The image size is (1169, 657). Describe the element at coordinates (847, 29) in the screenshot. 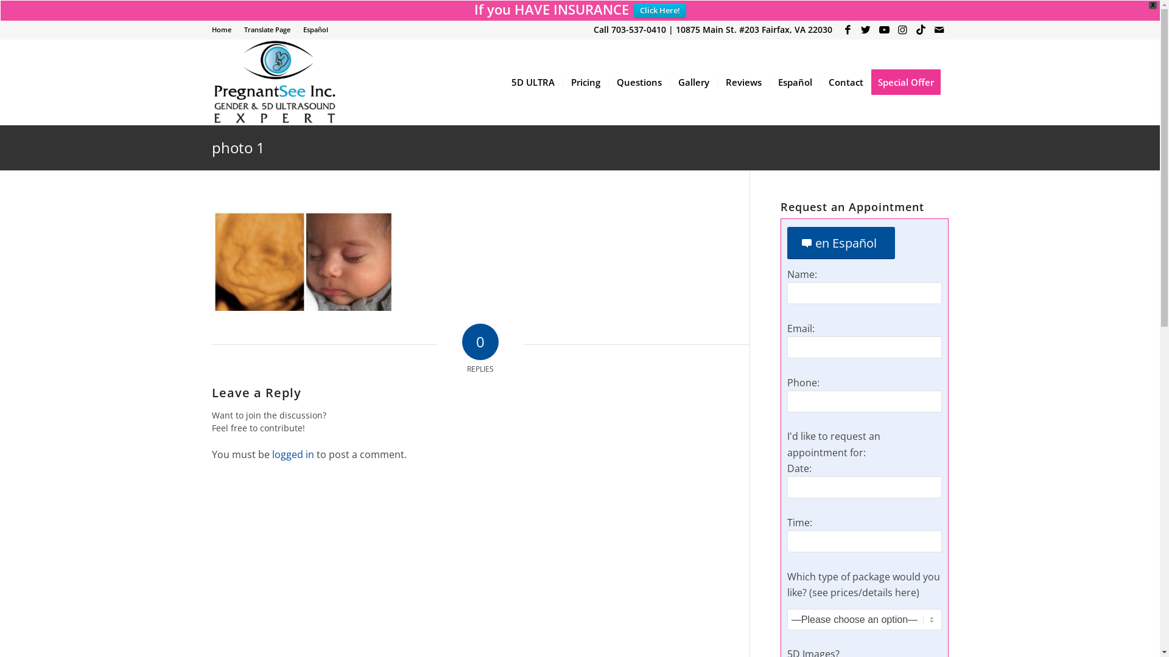

I see `'Facebook'` at that location.